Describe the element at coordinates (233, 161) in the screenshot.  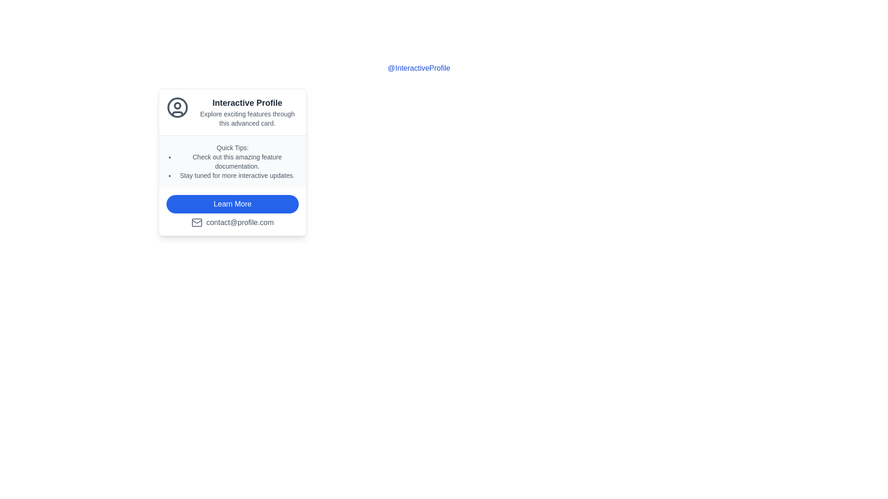
I see `the informational section that provides quick tips or guidance, located centrally within the card below the text 'Explore exciting features through this advanced card.' and above the 'Learn More' button` at that location.